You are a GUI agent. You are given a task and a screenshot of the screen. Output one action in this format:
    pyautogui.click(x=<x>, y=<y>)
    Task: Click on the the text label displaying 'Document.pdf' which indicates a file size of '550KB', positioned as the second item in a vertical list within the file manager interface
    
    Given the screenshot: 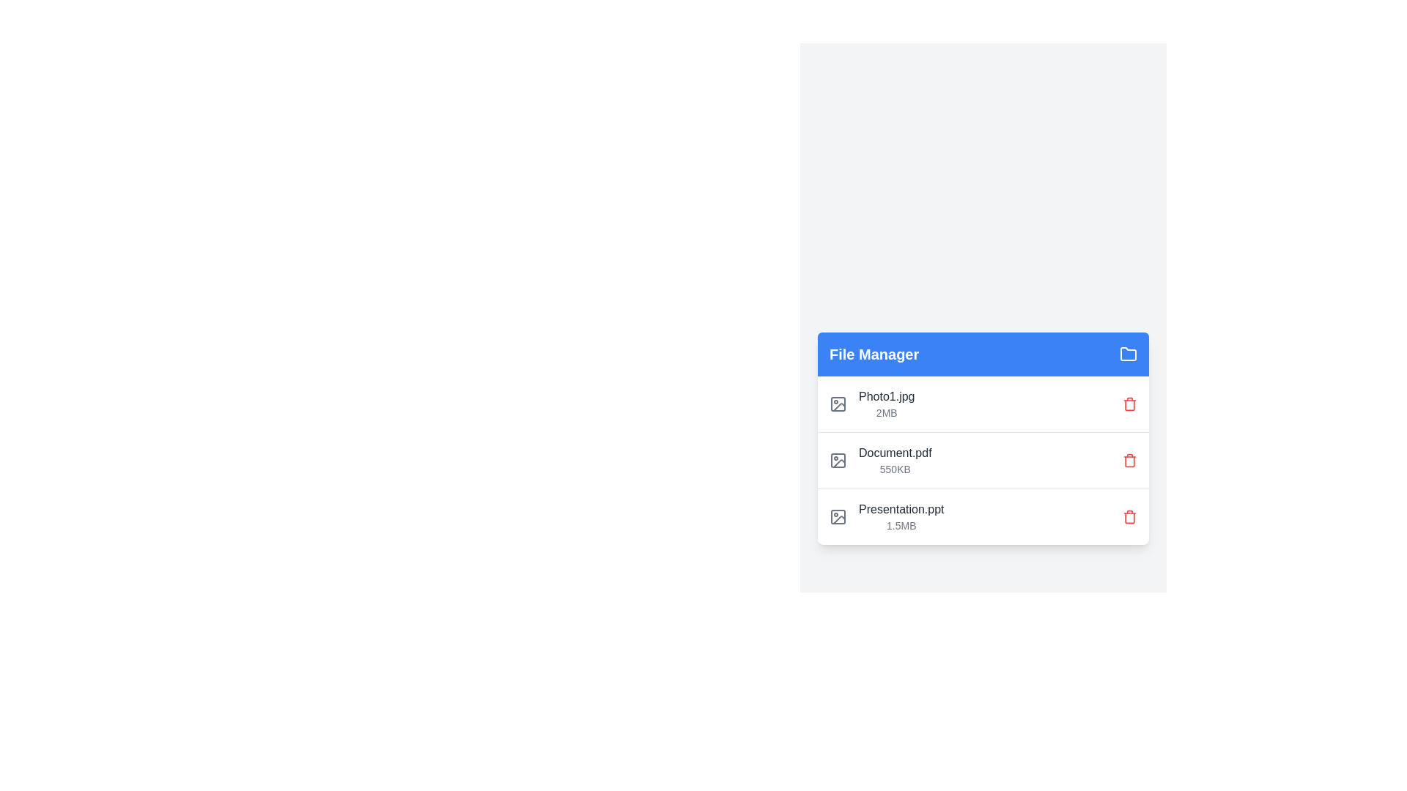 What is the action you would take?
    pyautogui.click(x=894, y=459)
    